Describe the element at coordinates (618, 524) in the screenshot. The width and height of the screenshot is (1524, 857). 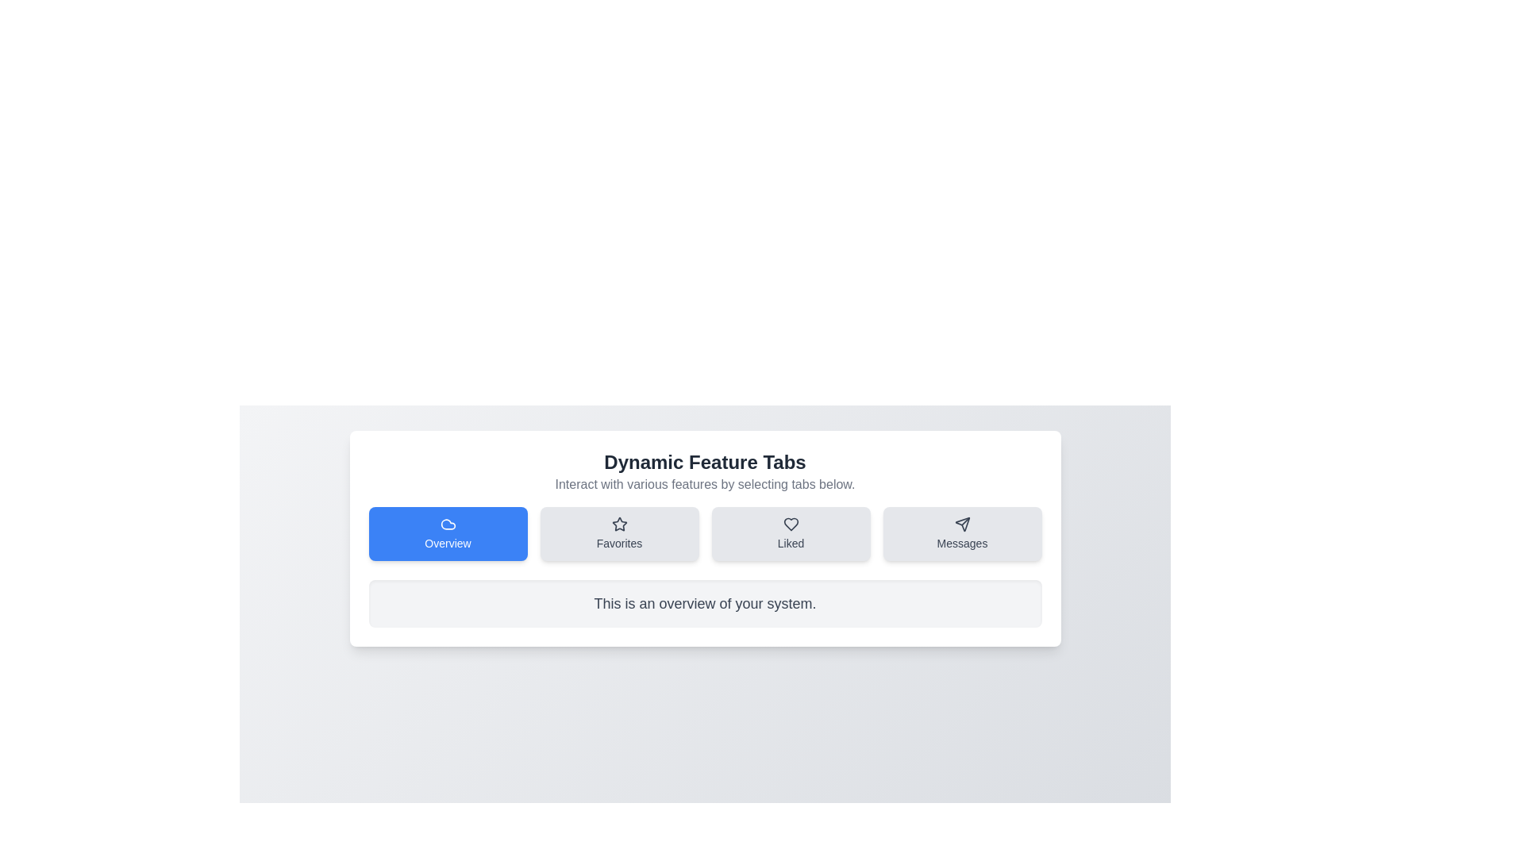
I see `the 'Favorites' tab icon which is the second tab in a horizontal tab group, located centrally in the interface next to the 'Overview' tab` at that location.